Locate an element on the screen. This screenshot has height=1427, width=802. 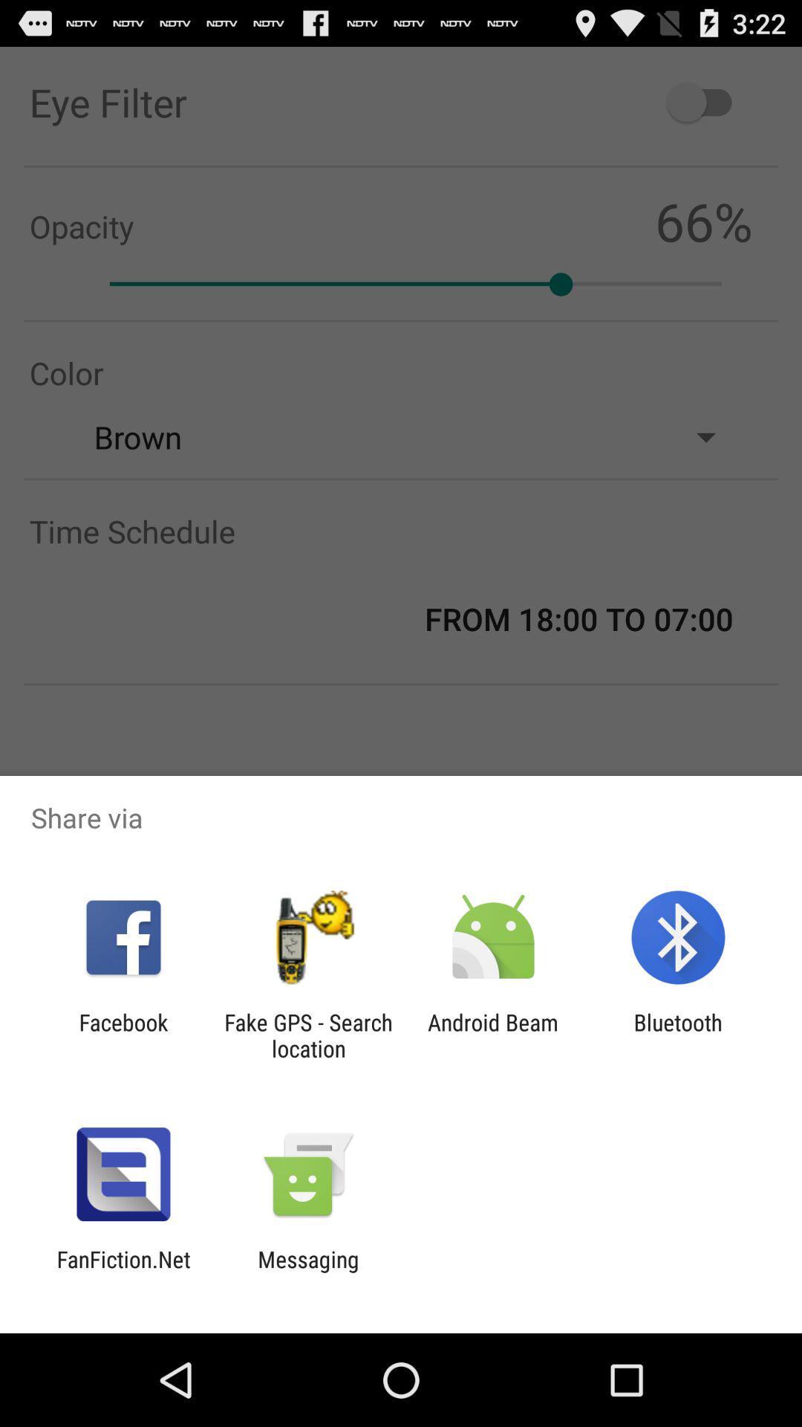
app next to fake gps search app is located at coordinates (123, 1035).